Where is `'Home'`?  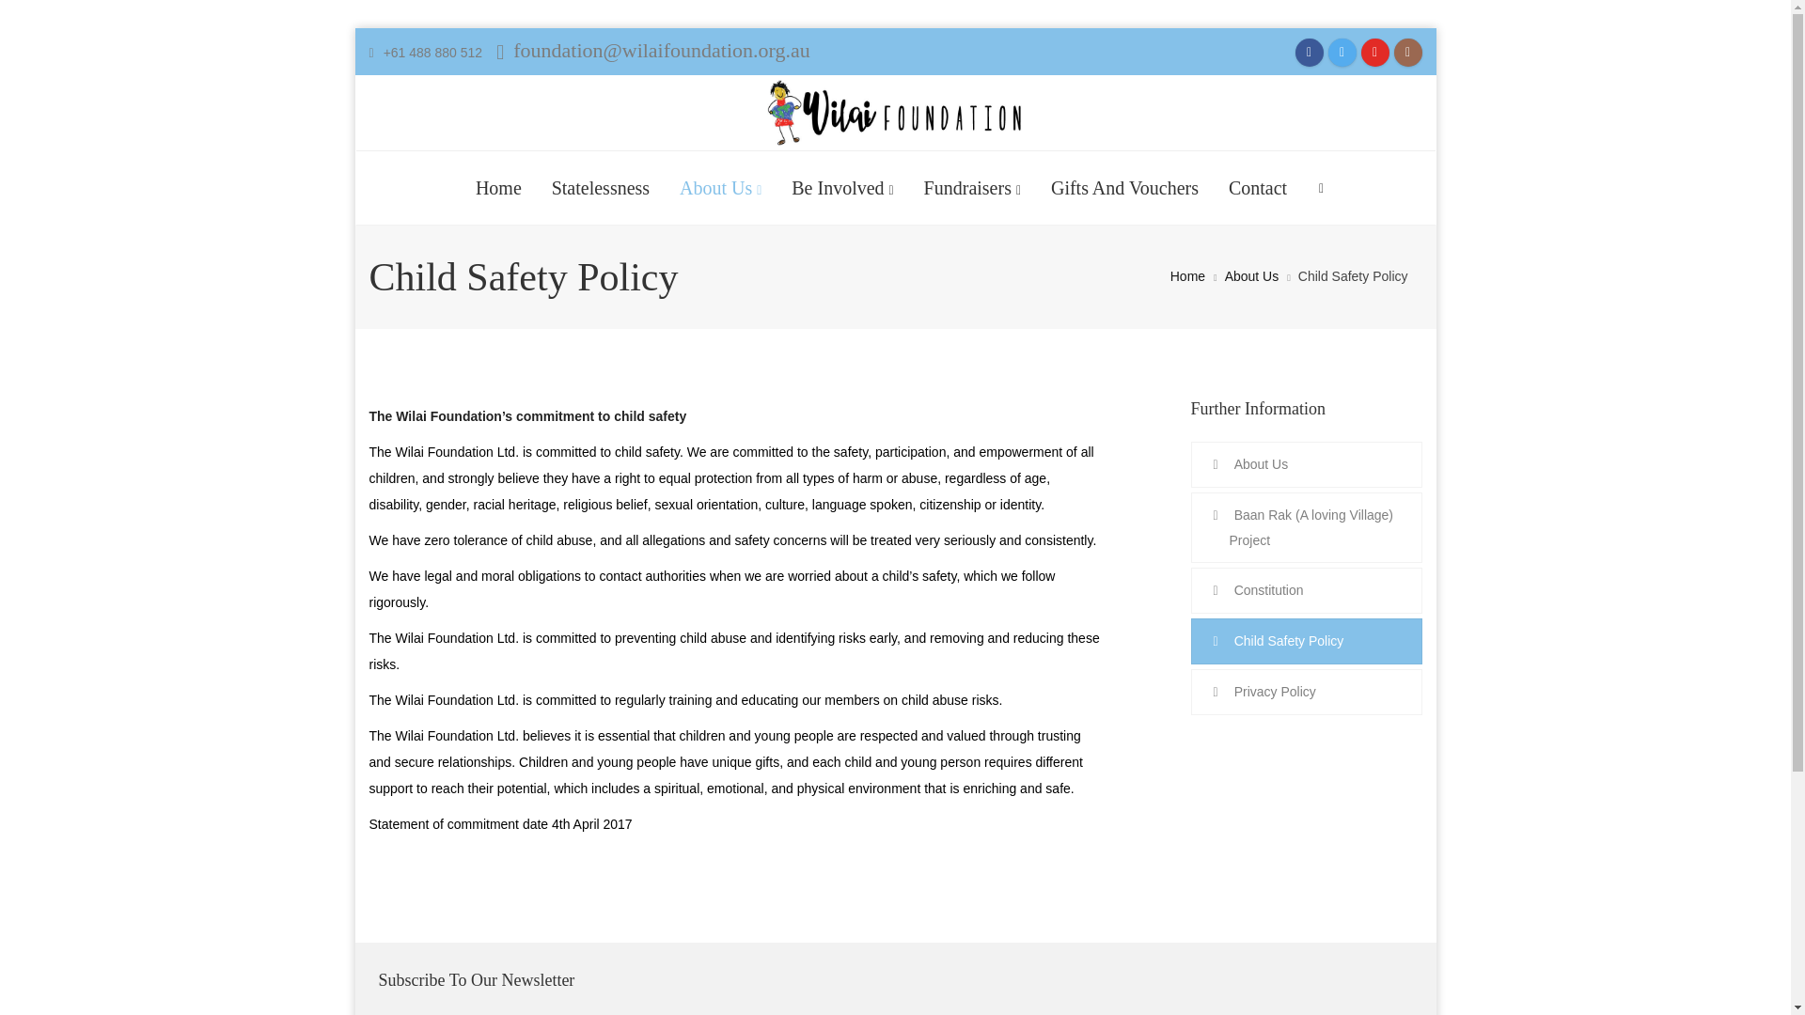
'Home' is located at coordinates (1186, 275).